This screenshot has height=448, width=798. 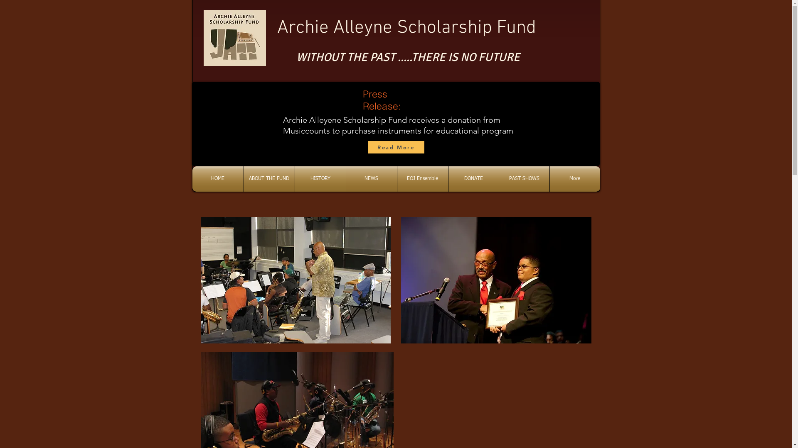 I want to click on 'NEWS', so click(x=370, y=178).